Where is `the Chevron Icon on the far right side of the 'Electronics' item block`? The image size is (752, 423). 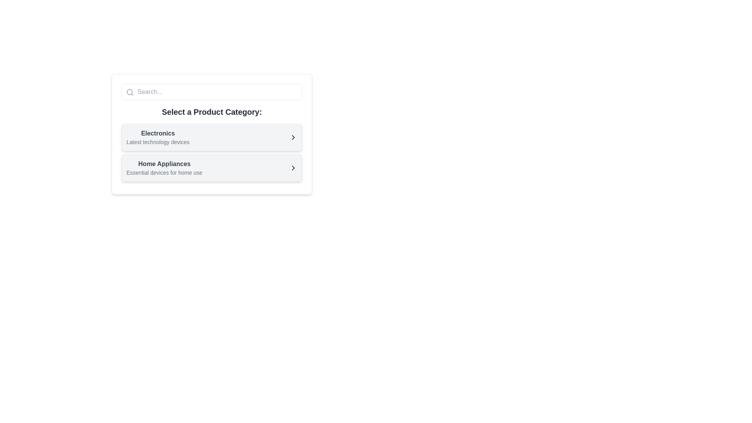
the Chevron Icon on the far right side of the 'Electronics' item block is located at coordinates (293, 137).